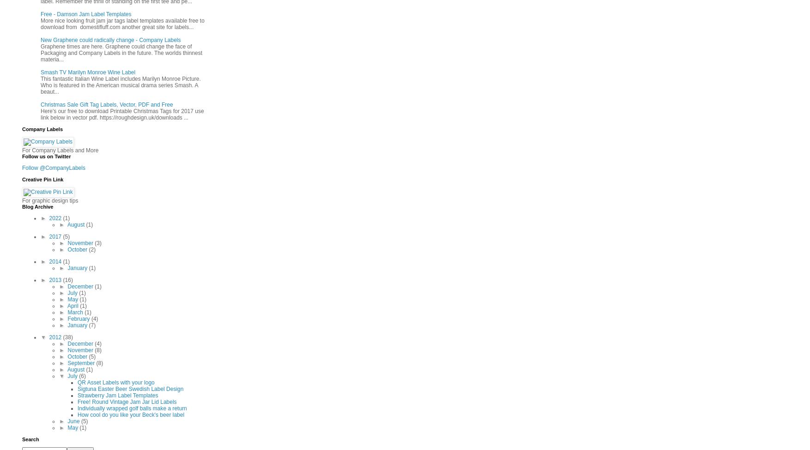  What do you see at coordinates (62, 336) in the screenshot?
I see `'(38)'` at bounding box center [62, 336].